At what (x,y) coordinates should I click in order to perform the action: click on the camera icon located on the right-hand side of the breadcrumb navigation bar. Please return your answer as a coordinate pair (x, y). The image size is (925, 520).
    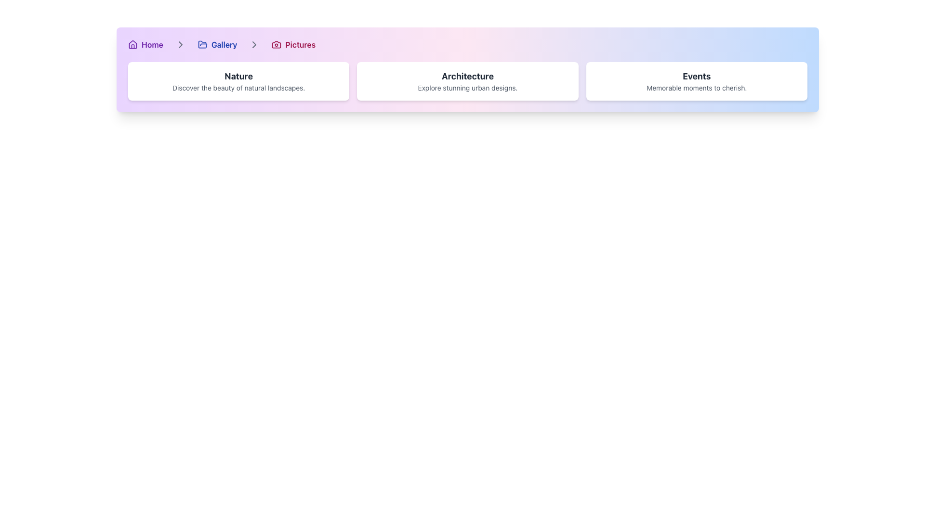
    Looking at the image, I should click on (276, 44).